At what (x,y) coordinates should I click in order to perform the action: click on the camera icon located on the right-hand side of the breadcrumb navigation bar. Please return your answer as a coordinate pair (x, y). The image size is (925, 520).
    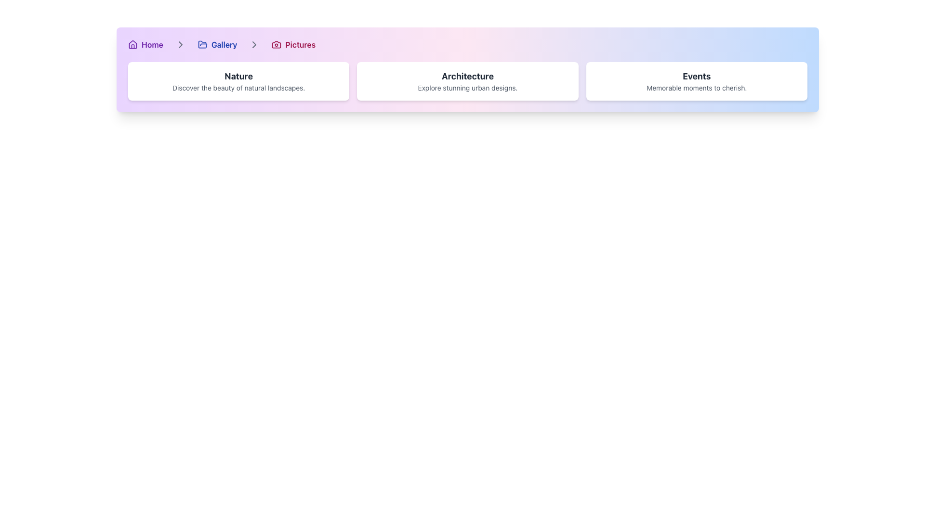
    Looking at the image, I should click on (276, 44).